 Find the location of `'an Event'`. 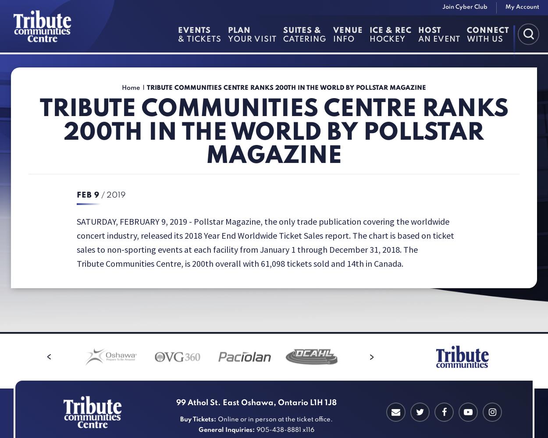

'an Event' is located at coordinates (418, 39).